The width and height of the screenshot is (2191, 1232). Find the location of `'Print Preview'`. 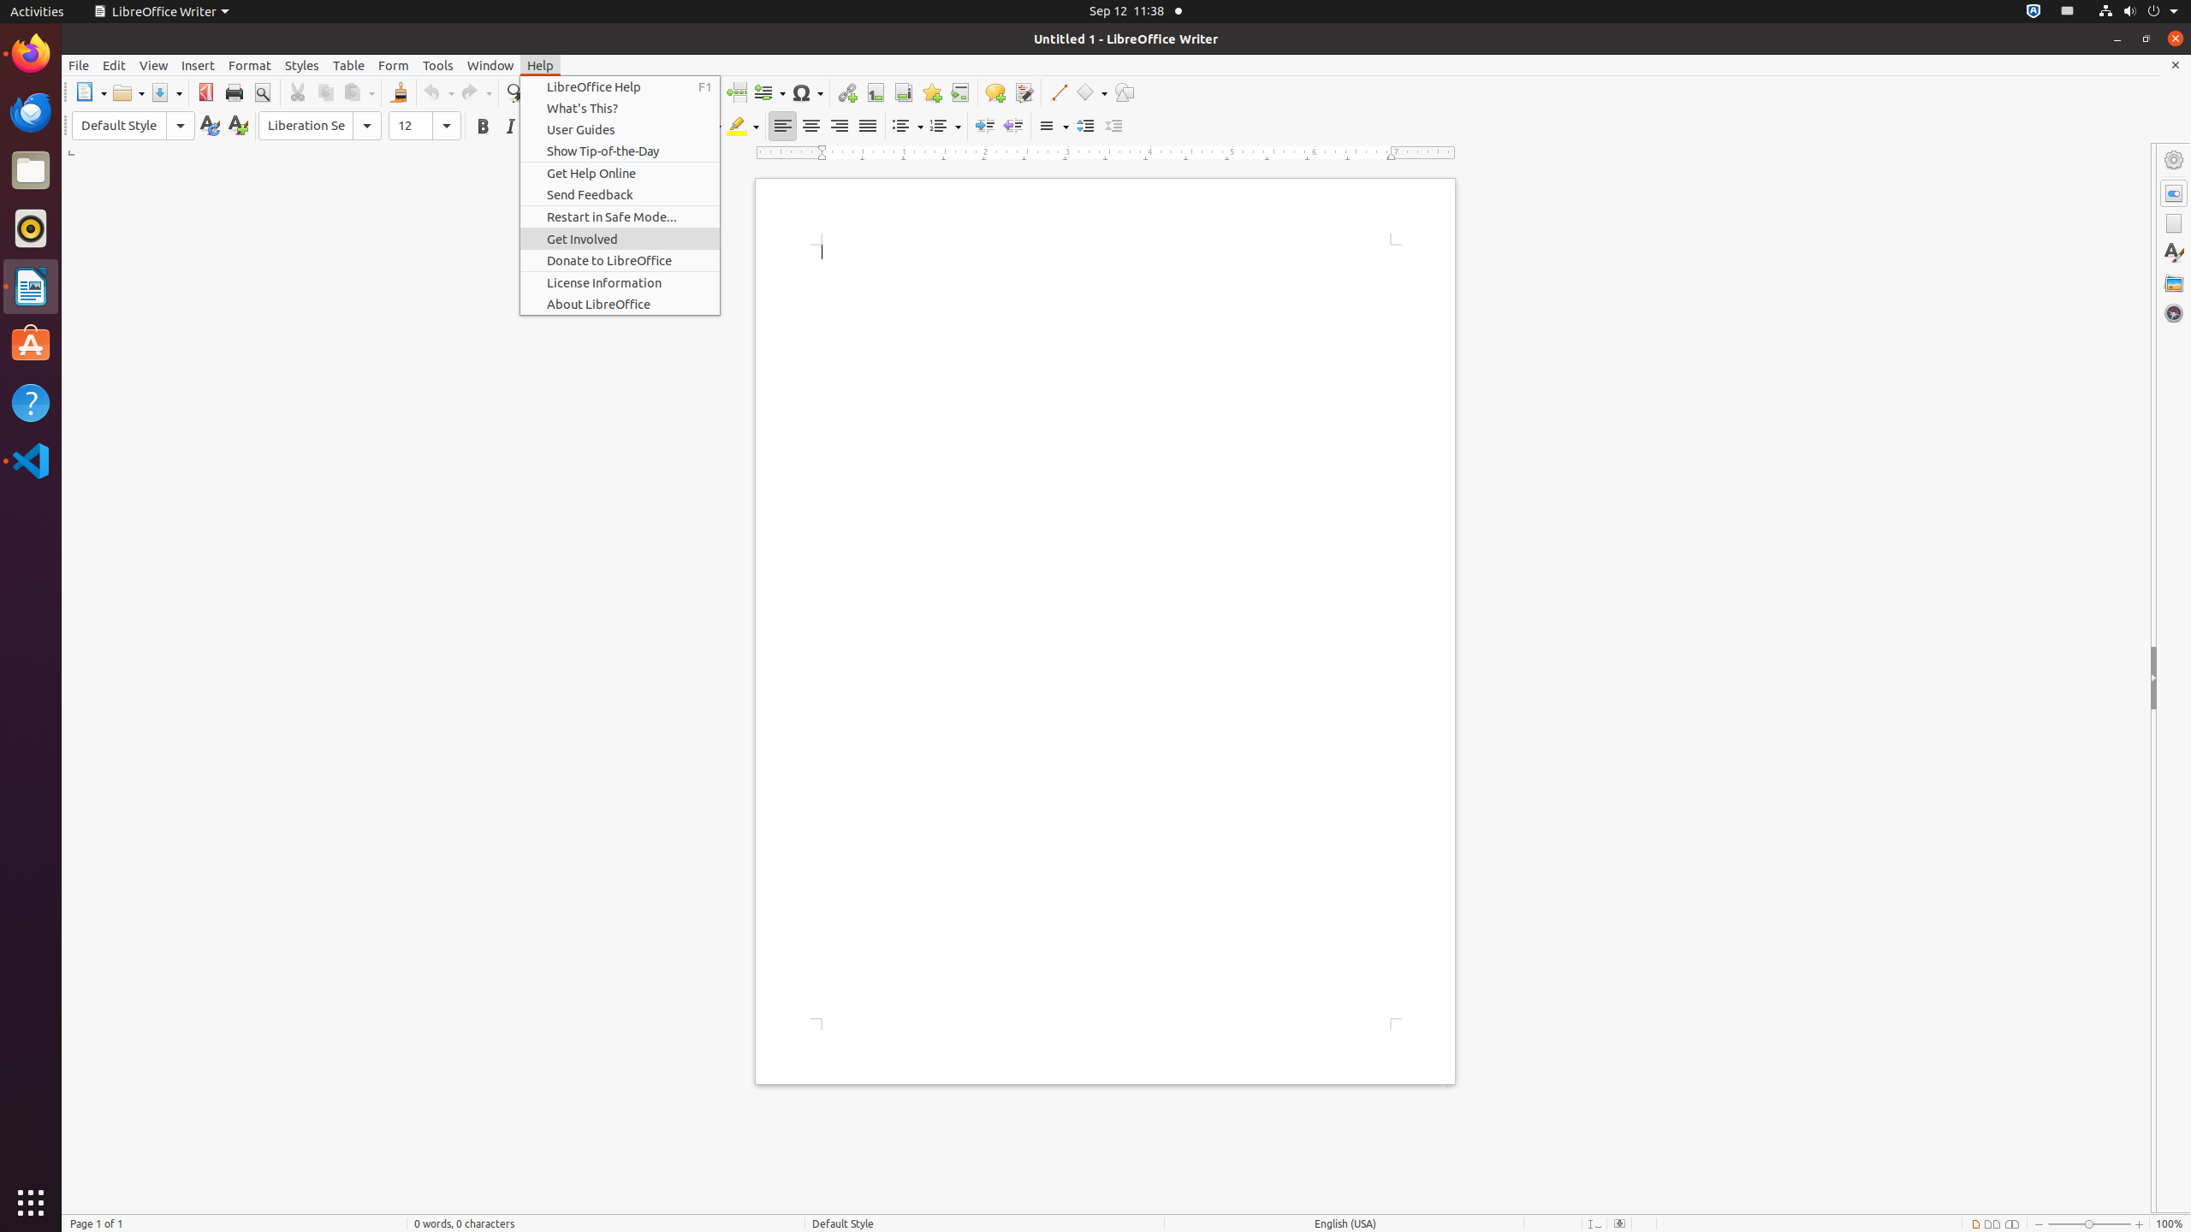

'Print Preview' is located at coordinates (261, 92).